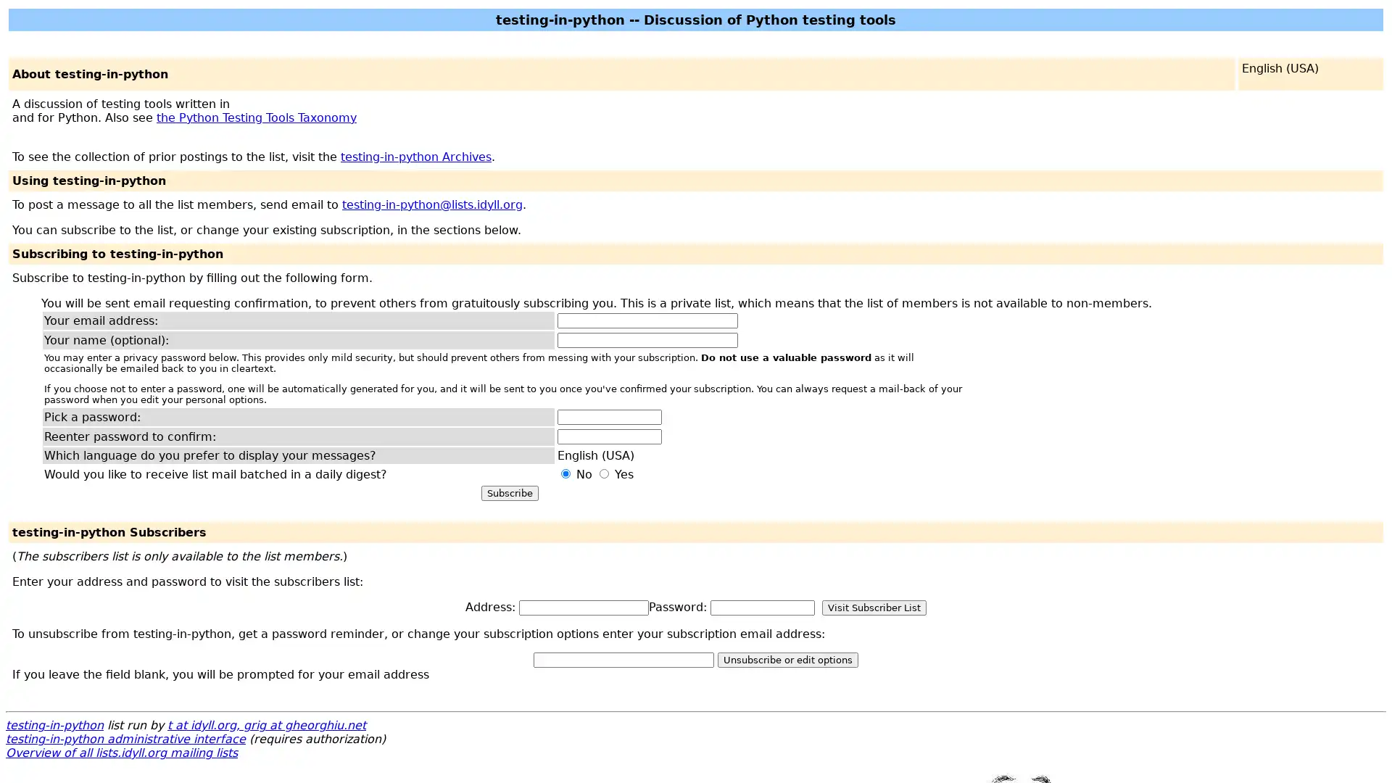 Image resolution: width=1392 pixels, height=783 pixels. What do you see at coordinates (787, 660) in the screenshot?
I see `Unsubscribe or edit options` at bounding box center [787, 660].